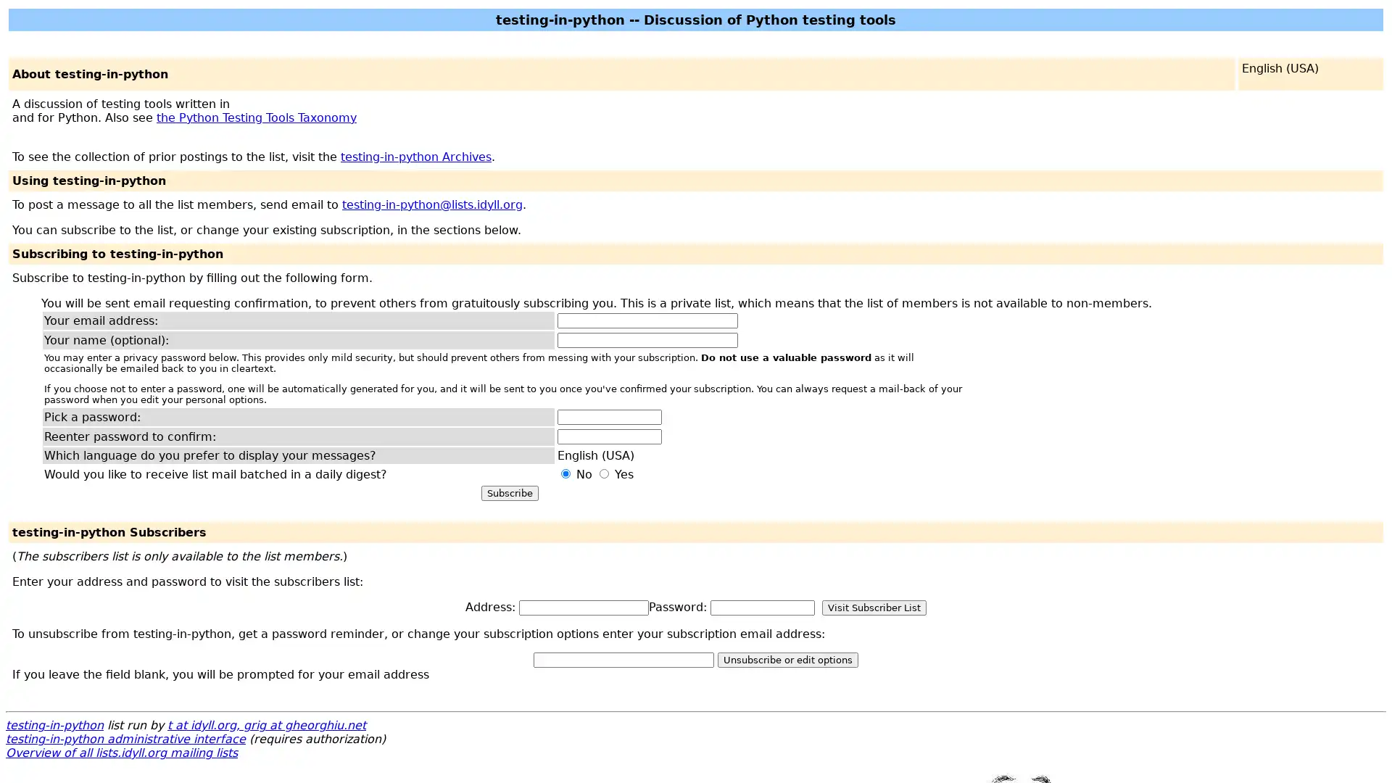 Image resolution: width=1392 pixels, height=783 pixels. What do you see at coordinates (787, 660) in the screenshot?
I see `Unsubscribe or edit options` at bounding box center [787, 660].